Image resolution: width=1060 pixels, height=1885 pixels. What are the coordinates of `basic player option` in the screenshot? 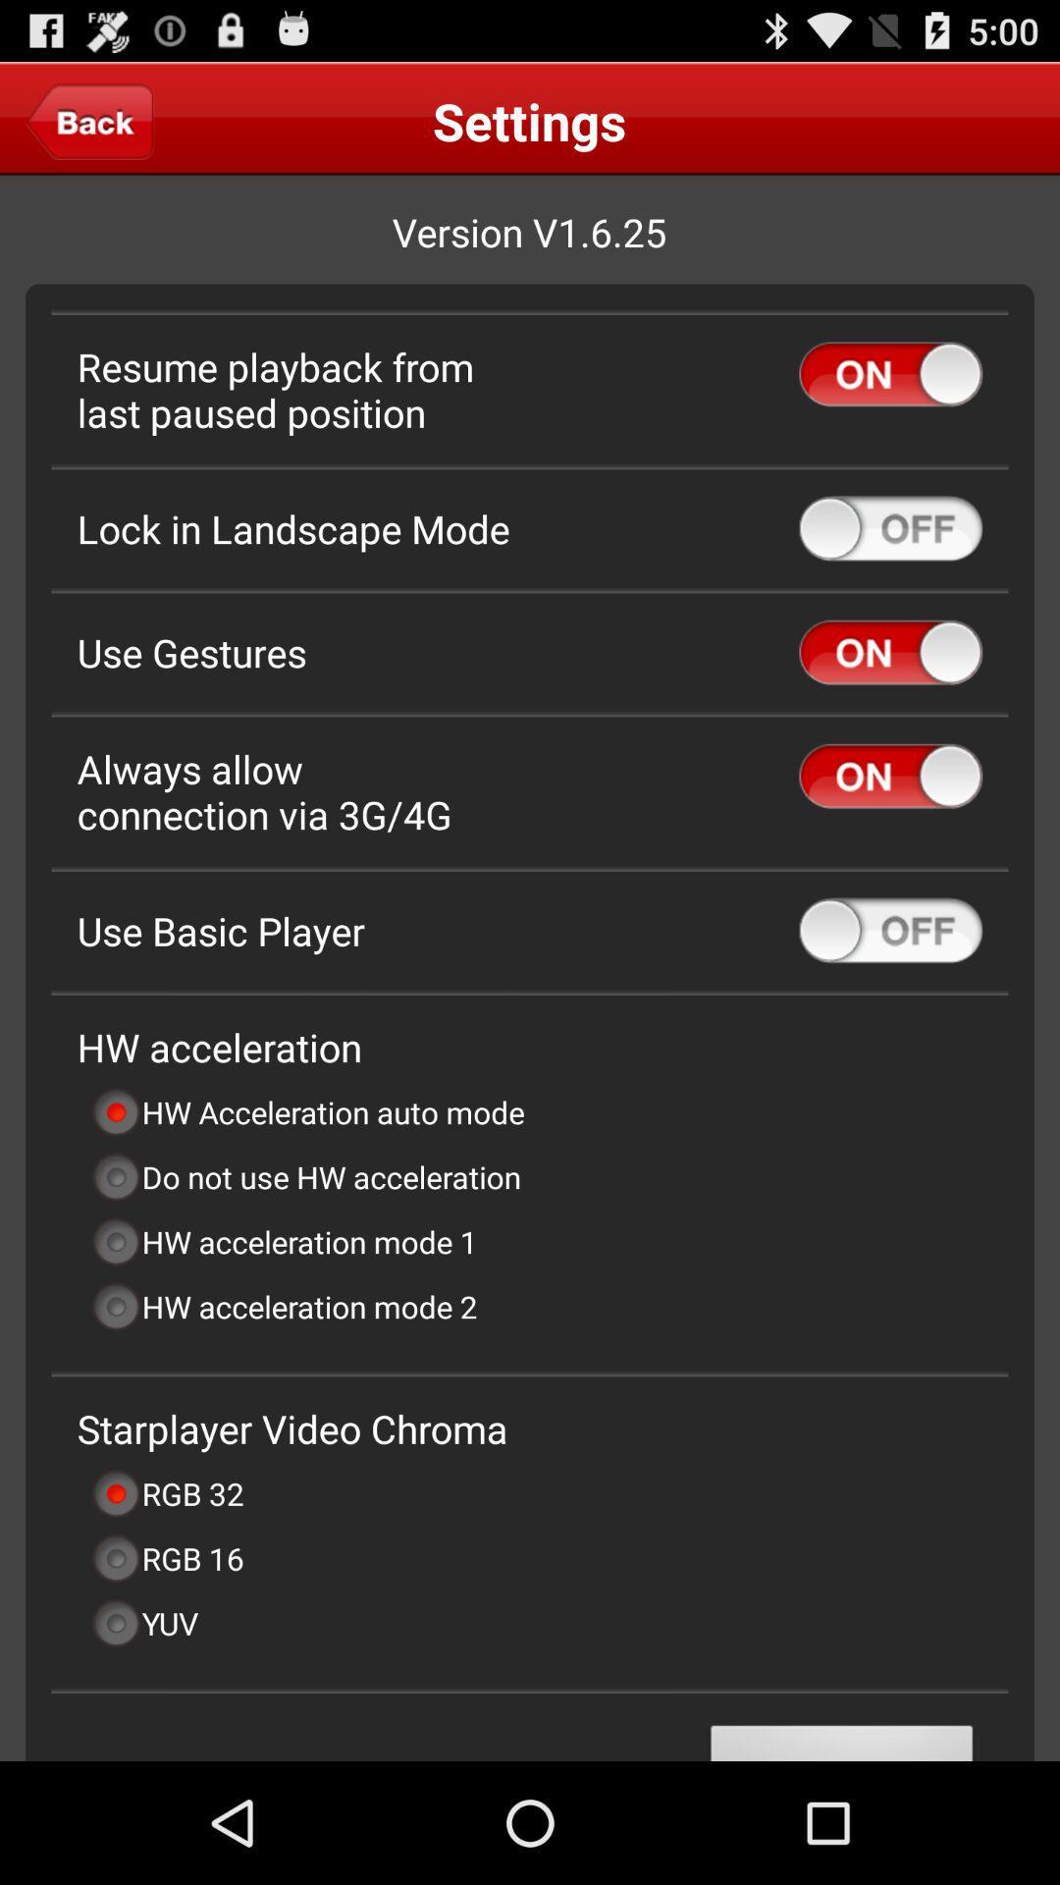 It's located at (890, 930).